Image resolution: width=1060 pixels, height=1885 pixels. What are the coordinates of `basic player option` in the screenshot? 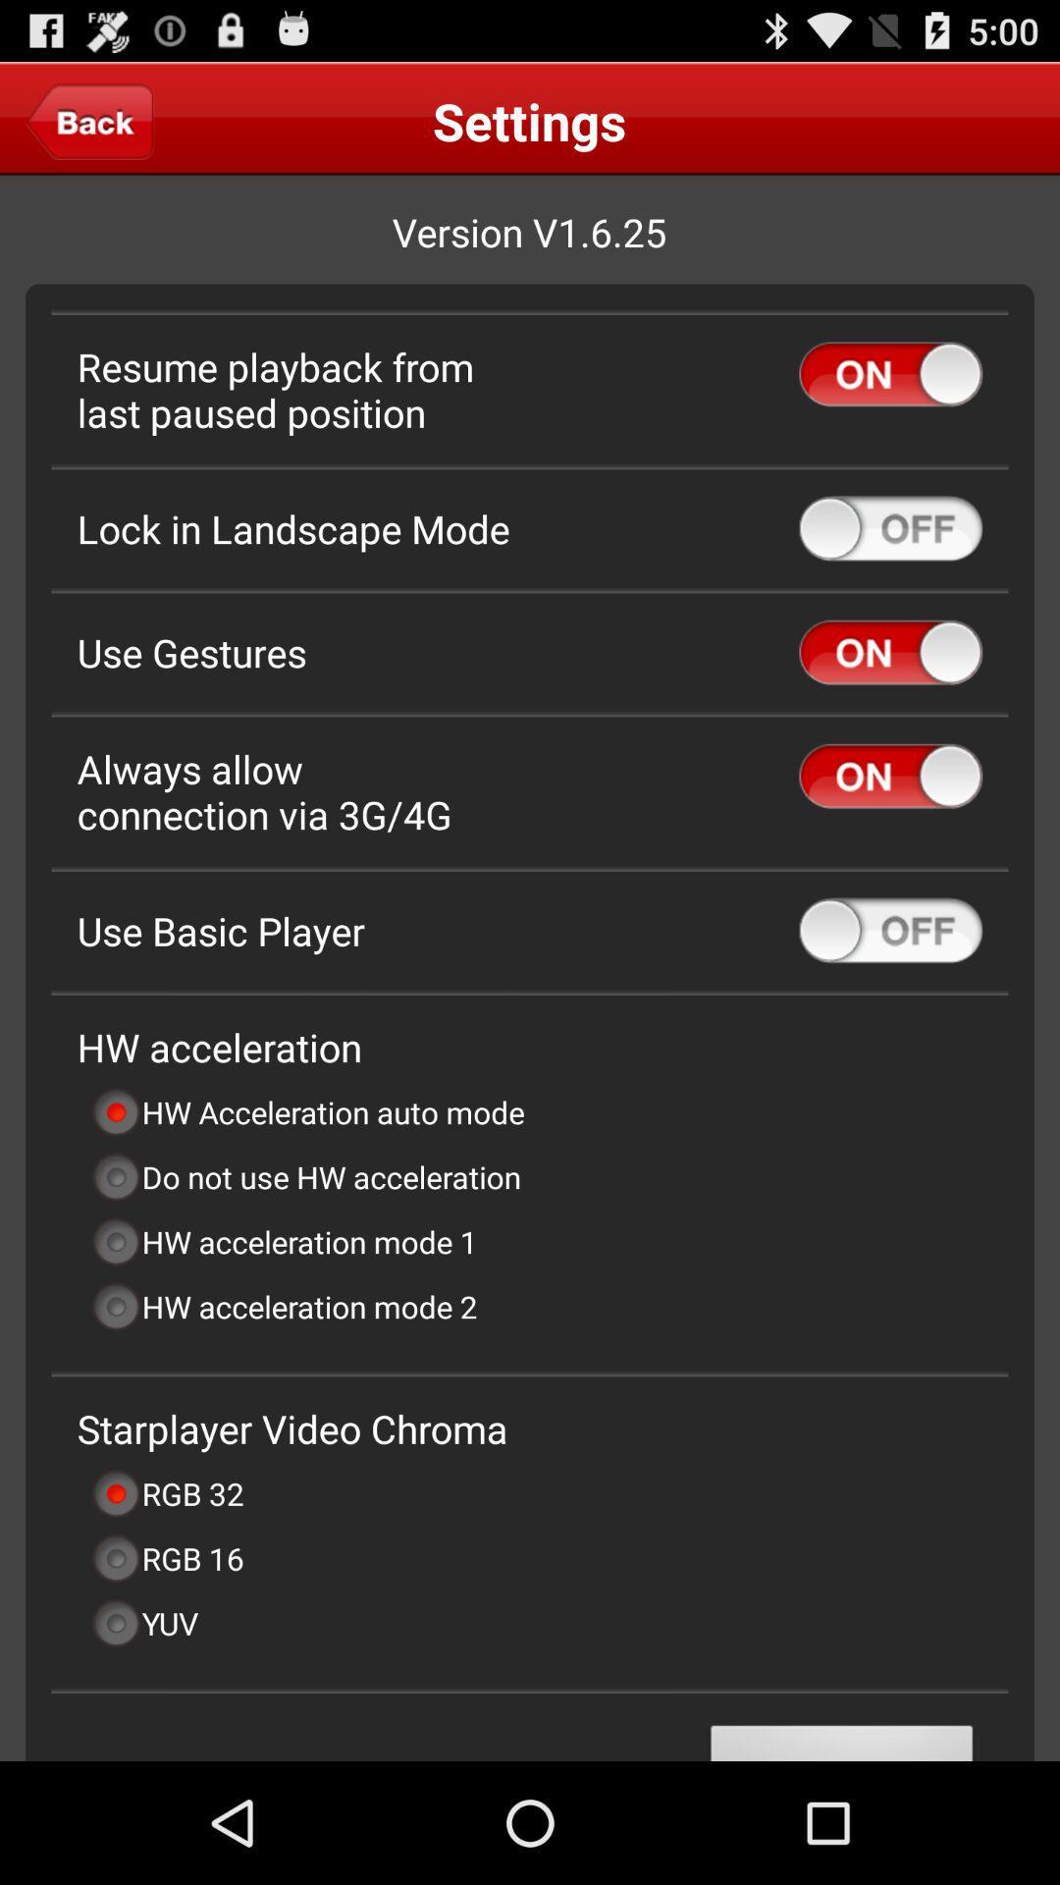 It's located at (890, 930).